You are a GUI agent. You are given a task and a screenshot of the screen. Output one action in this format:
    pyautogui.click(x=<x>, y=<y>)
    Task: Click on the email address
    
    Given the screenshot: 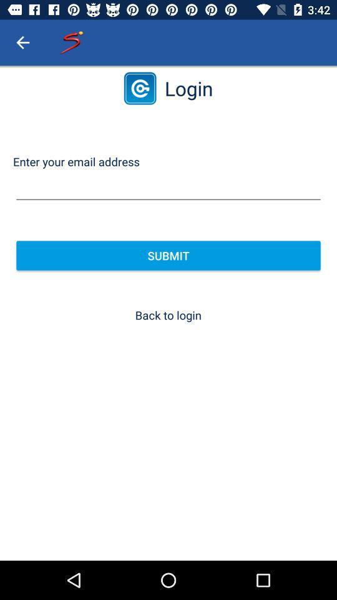 What is the action you would take?
    pyautogui.click(x=168, y=187)
    